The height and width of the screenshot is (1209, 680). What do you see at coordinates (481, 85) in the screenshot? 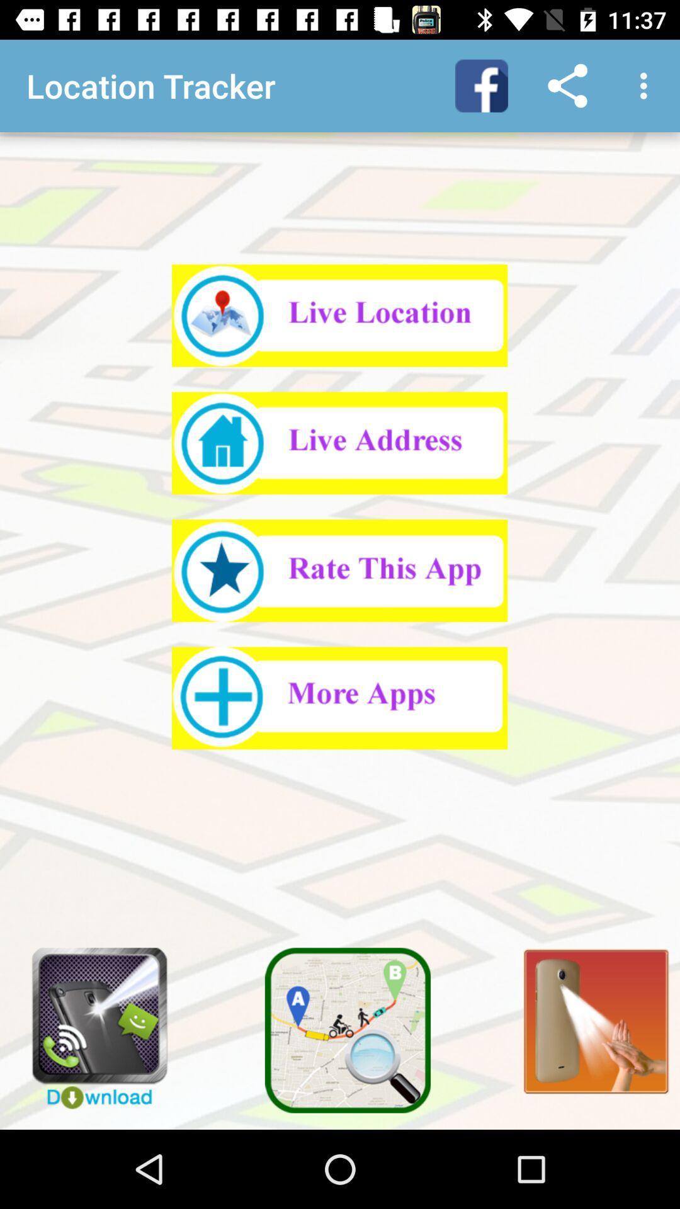
I see `share on facebook` at bounding box center [481, 85].